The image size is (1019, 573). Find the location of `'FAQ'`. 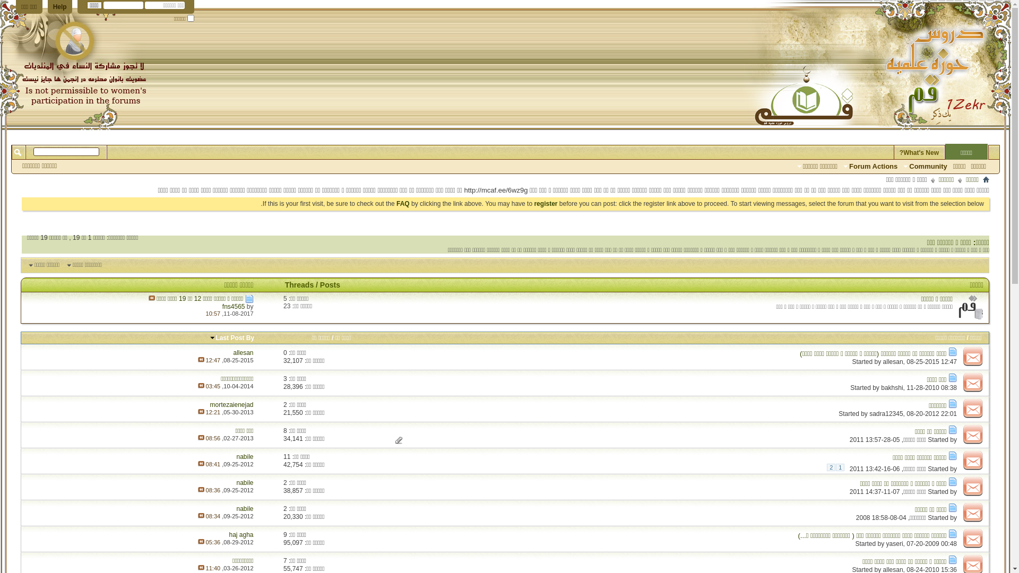

'FAQ' is located at coordinates (402, 204).